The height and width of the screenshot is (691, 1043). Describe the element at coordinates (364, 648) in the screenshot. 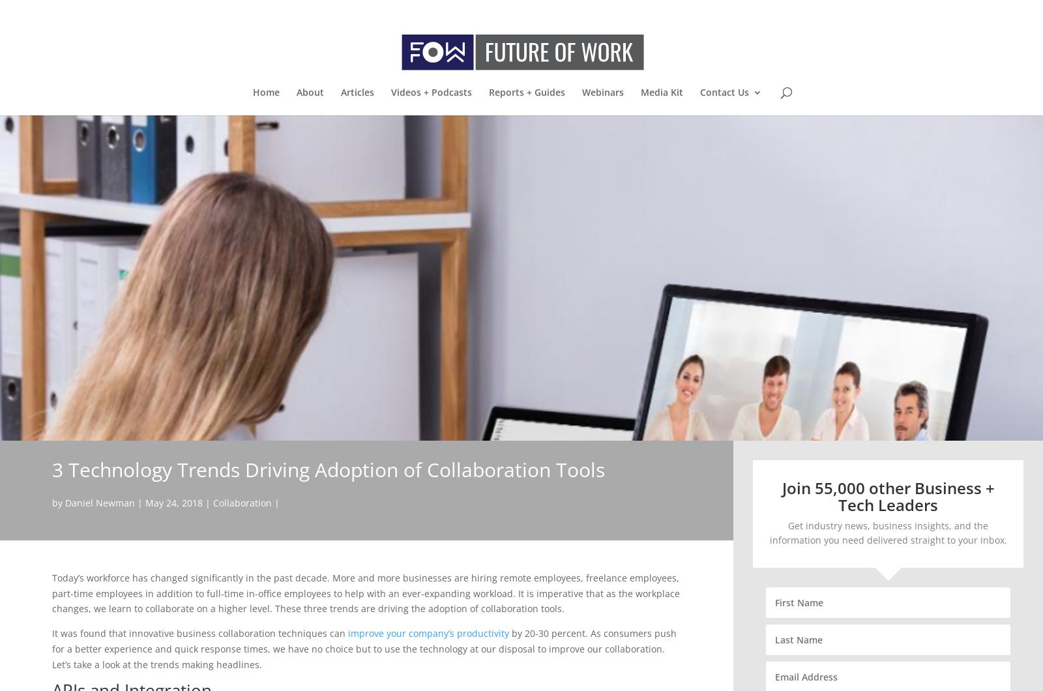

I see `'by 20-30 percent. As consumers push for a better experience and quick response times, we have no choice but to use the technology at our disposal to improve our collaboration. Let’s take a look at the trends making headlines.'` at that location.